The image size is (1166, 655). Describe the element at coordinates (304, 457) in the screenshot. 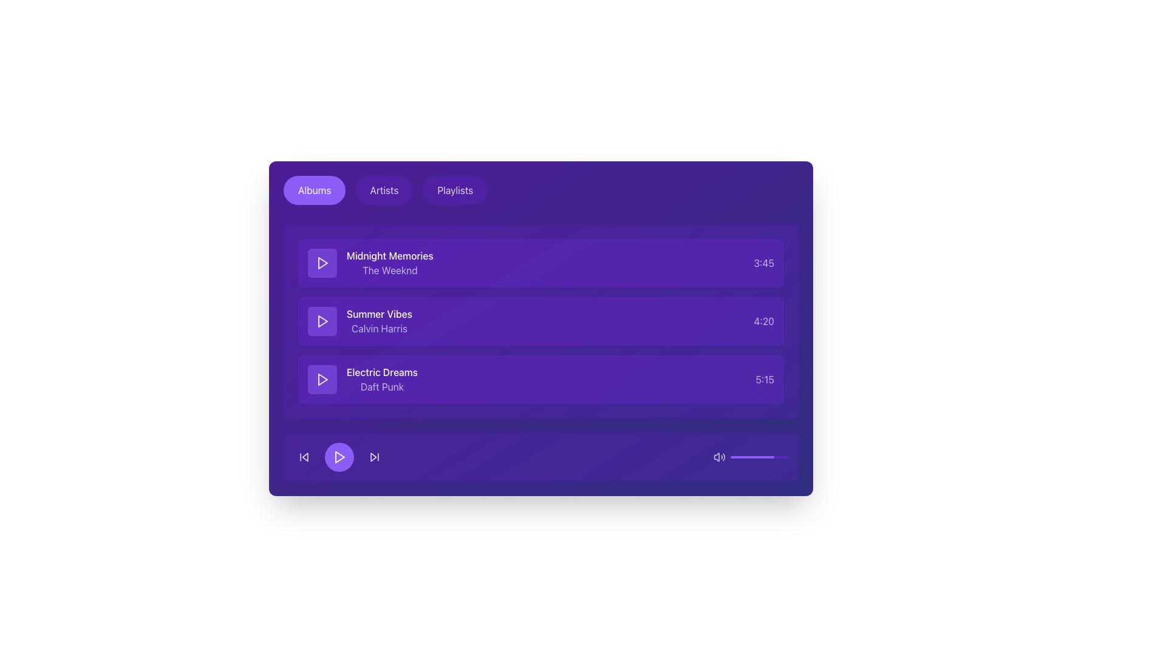

I see `the circular violet button with a skip-backward arrow icon located at the bottom left of the music player interface to skip backward` at that location.